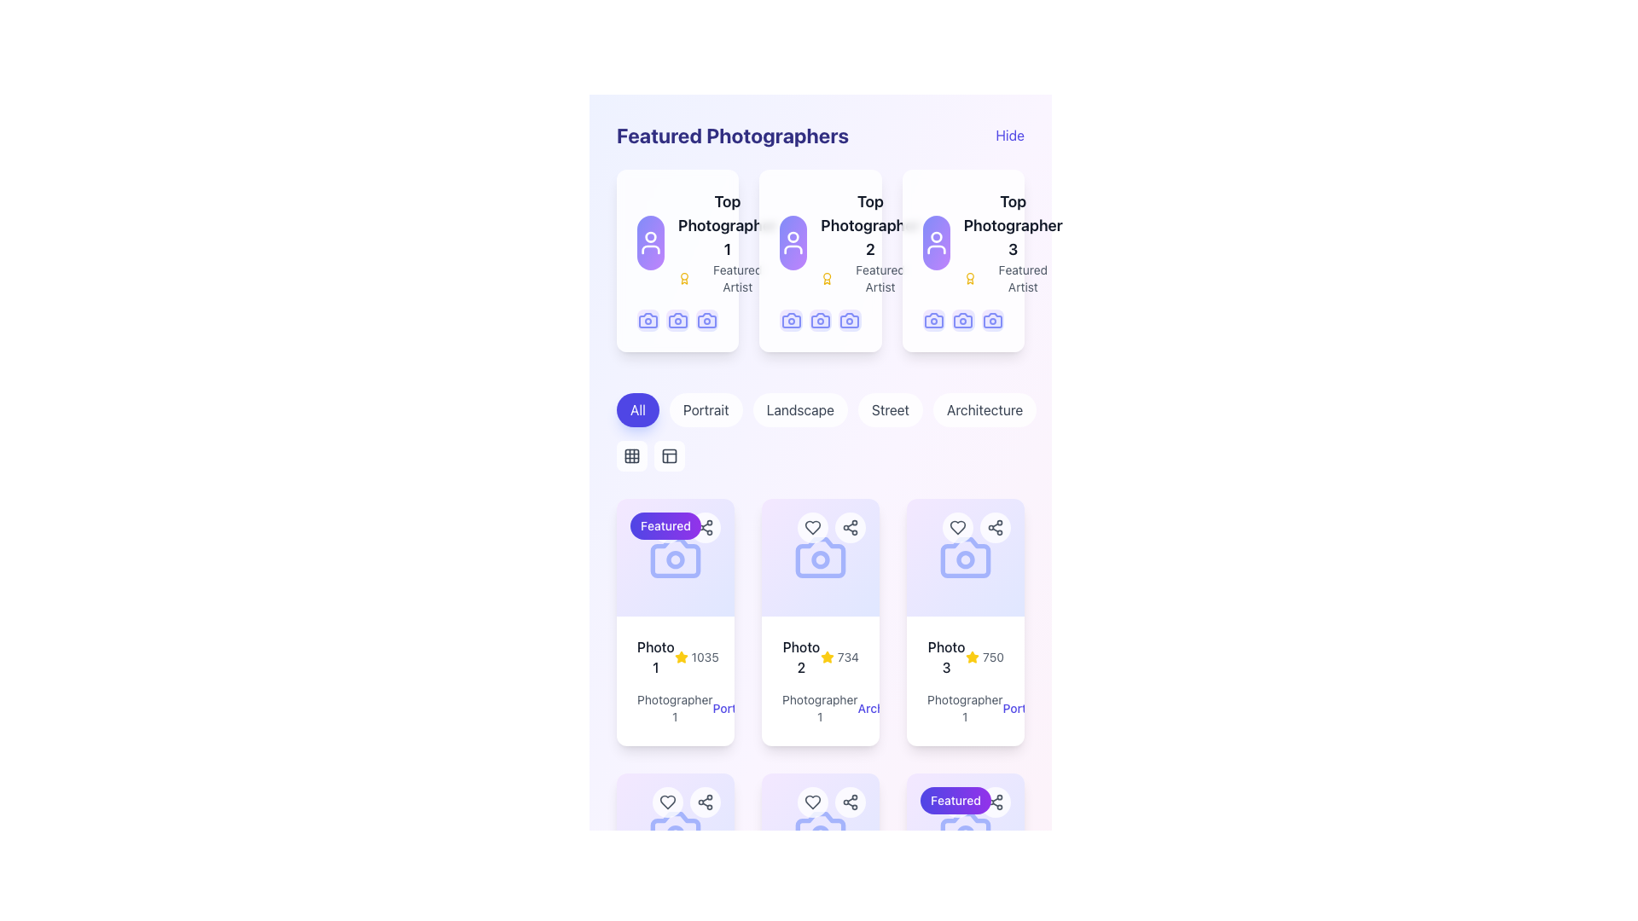 This screenshot has width=1638, height=921. What do you see at coordinates (675, 559) in the screenshot?
I see `the decorative graphic element located at the center of the camera lens within the SVG illustration in the grid under the 'Featured' label` at bounding box center [675, 559].